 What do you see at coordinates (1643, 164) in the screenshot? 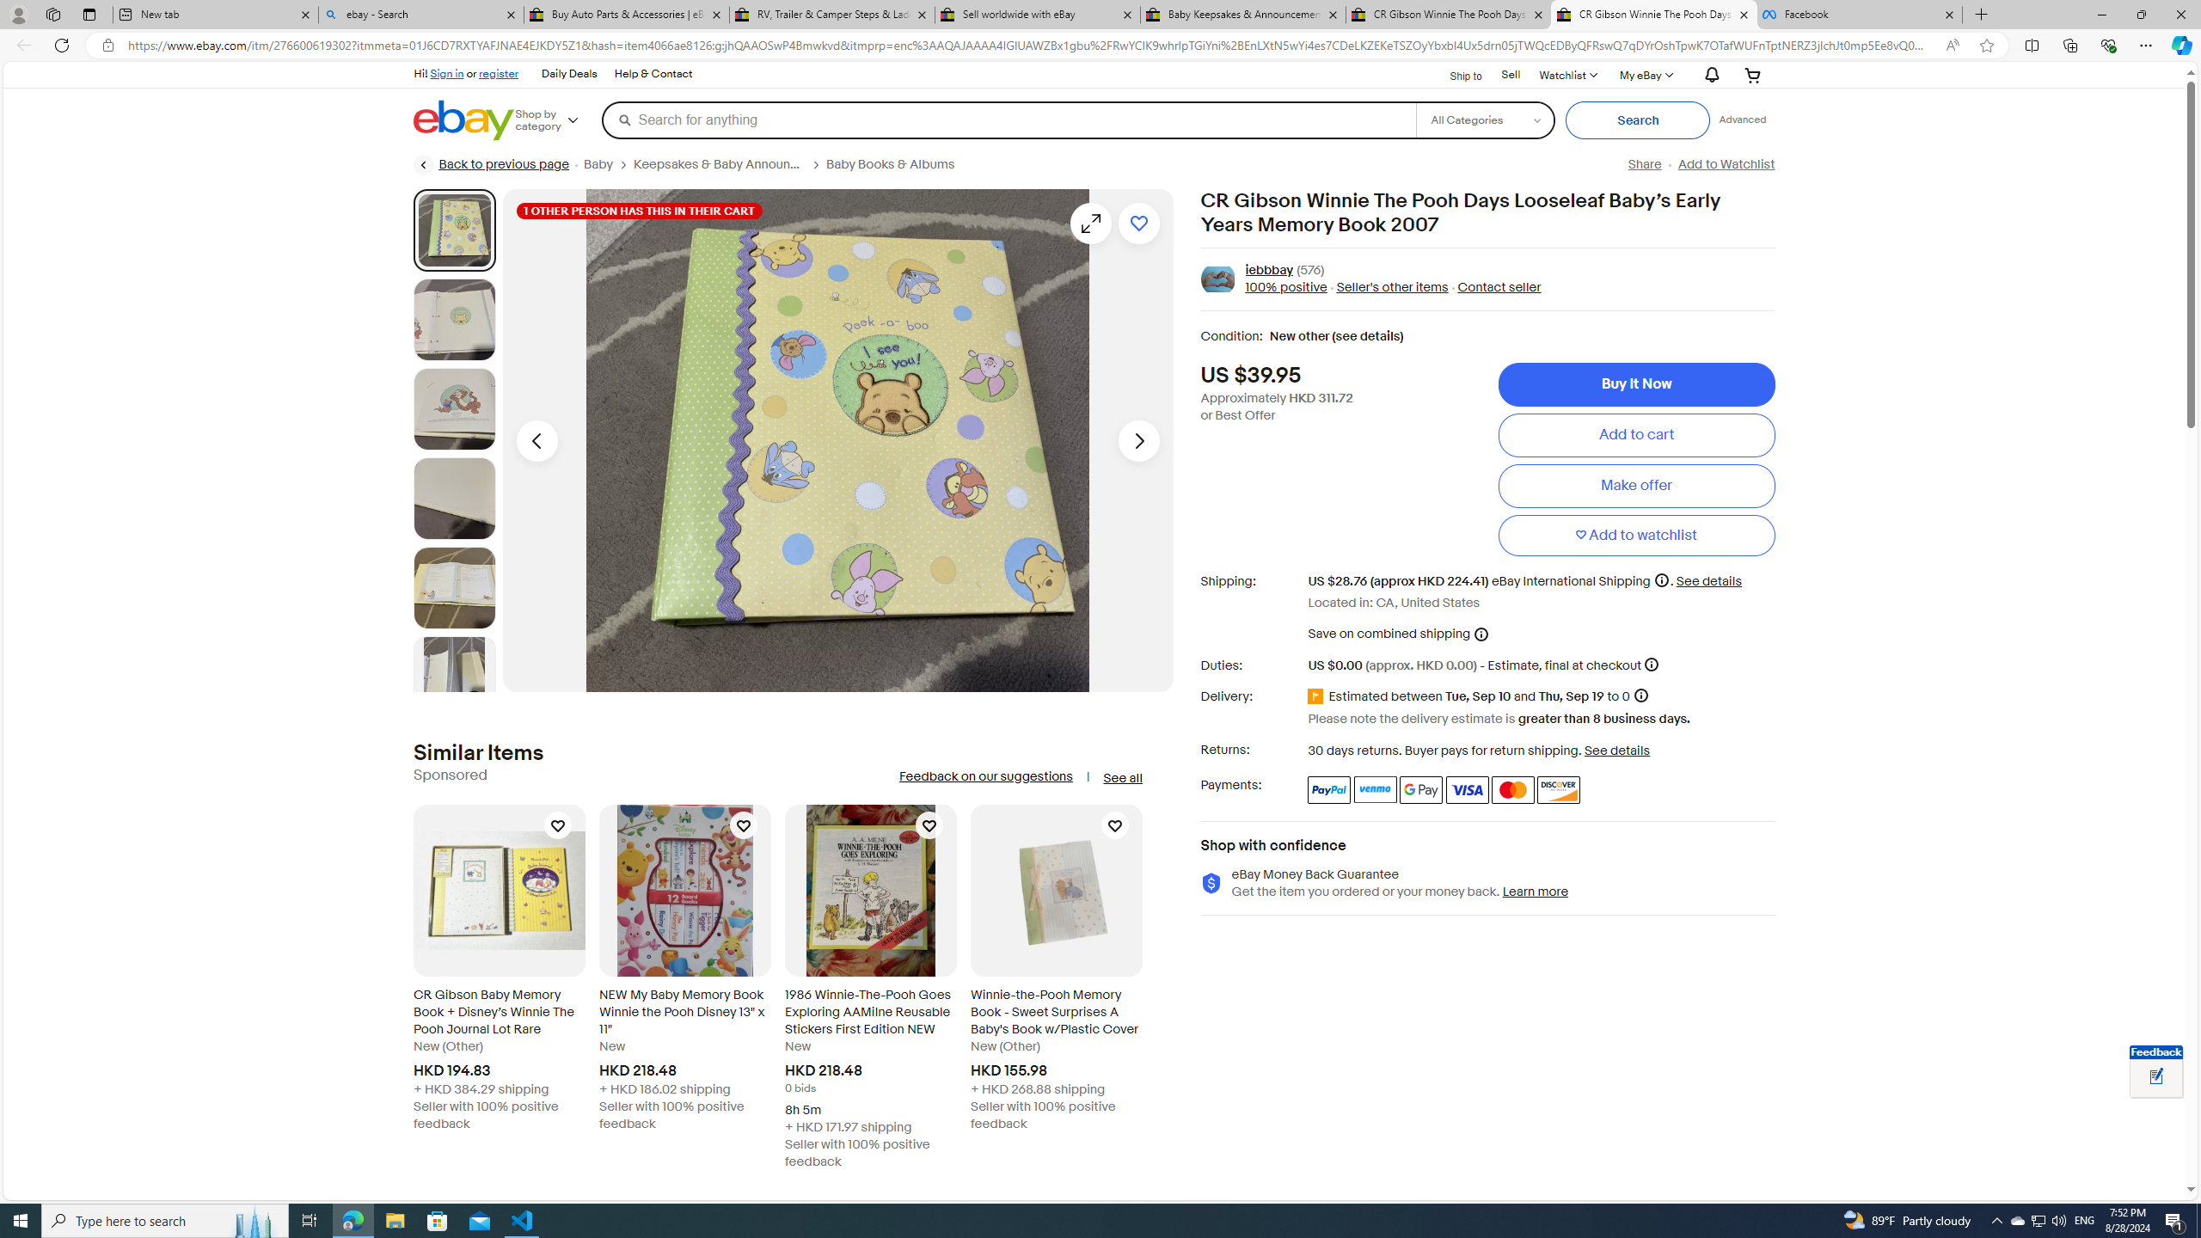
I see `'Share'` at bounding box center [1643, 164].